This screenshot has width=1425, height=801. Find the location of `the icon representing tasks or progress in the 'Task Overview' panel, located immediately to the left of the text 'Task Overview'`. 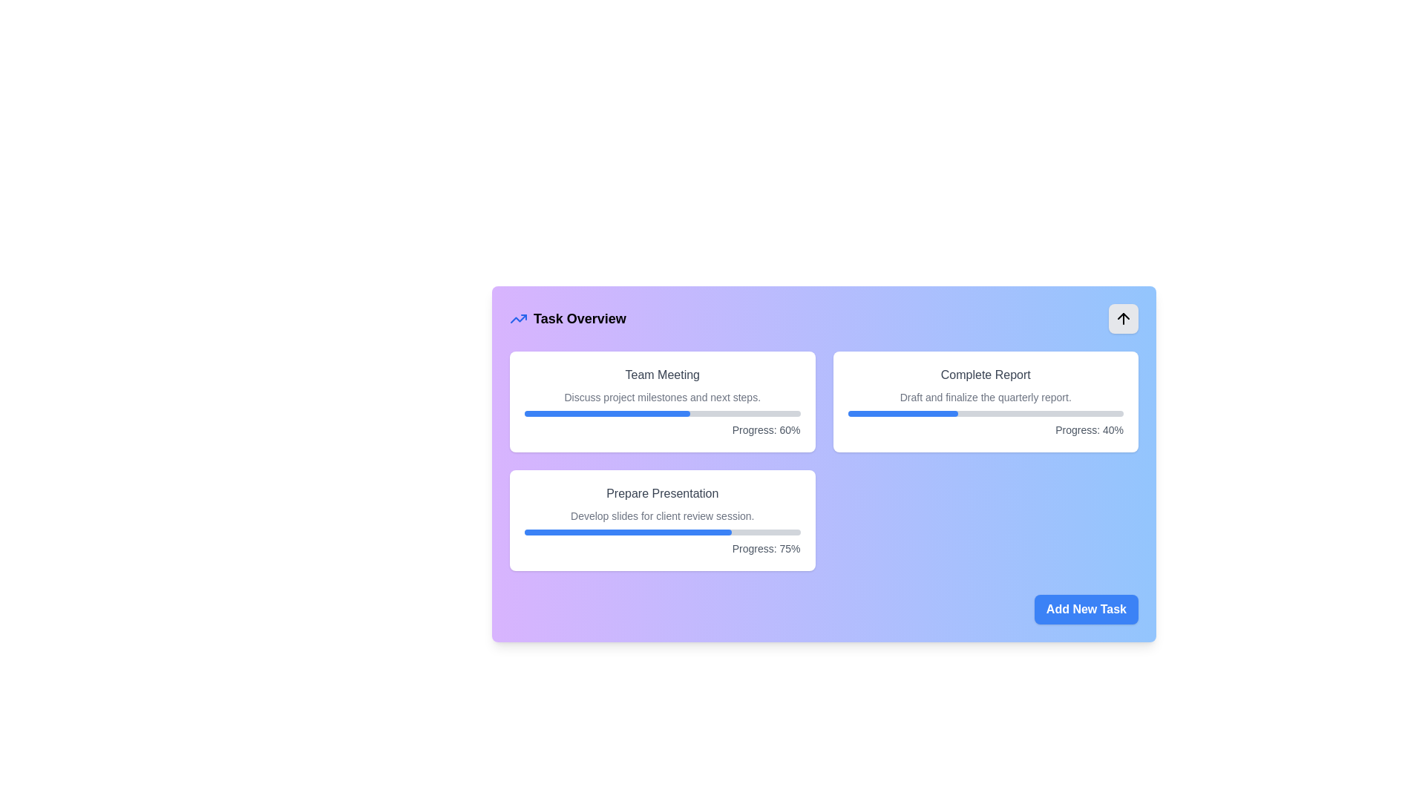

the icon representing tasks or progress in the 'Task Overview' panel, located immediately to the left of the text 'Task Overview' is located at coordinates (519, 317).